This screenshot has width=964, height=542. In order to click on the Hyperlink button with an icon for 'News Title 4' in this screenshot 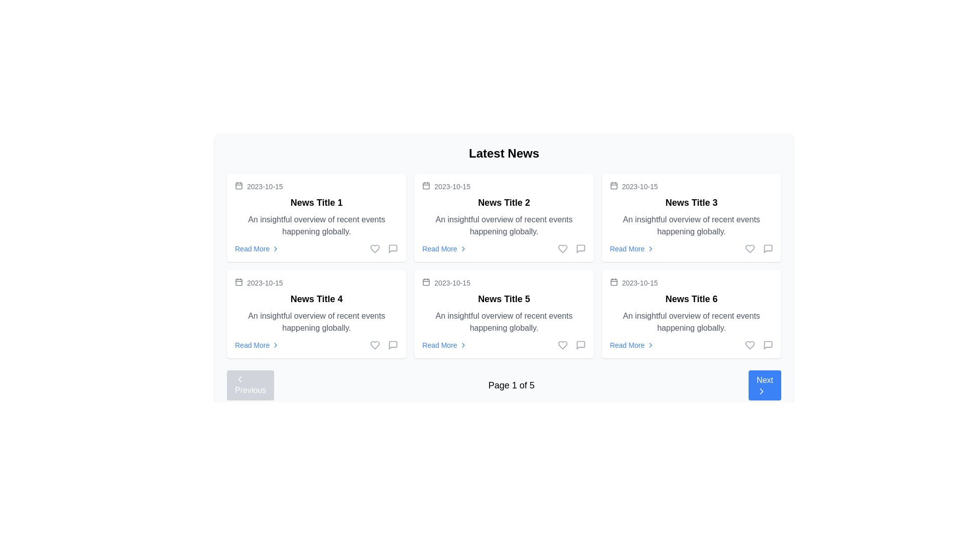, I will do `click(257, 344)`.